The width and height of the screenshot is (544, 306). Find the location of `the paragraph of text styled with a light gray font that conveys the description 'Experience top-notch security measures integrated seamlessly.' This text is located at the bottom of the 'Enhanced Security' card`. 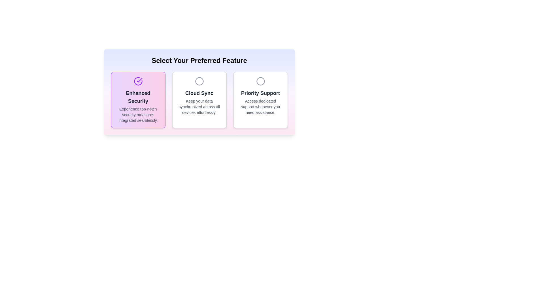

the paragraph of text styled with a light gray font that conveys the description 'Experience top-notch security measures integrated seamlessly.' This text is located at the bottom of the 'Enhanced Security' card is located at coordinates (138, 115).